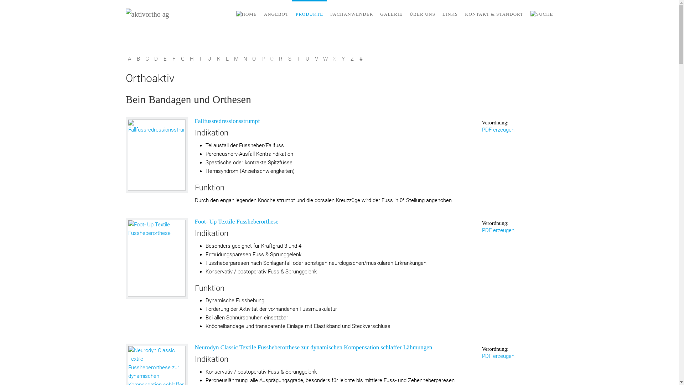 The width and height of the screenshot is (684, 385). Describe the element at coordinates (343, 58) in the screenshot. I see `'Y'` at that location.